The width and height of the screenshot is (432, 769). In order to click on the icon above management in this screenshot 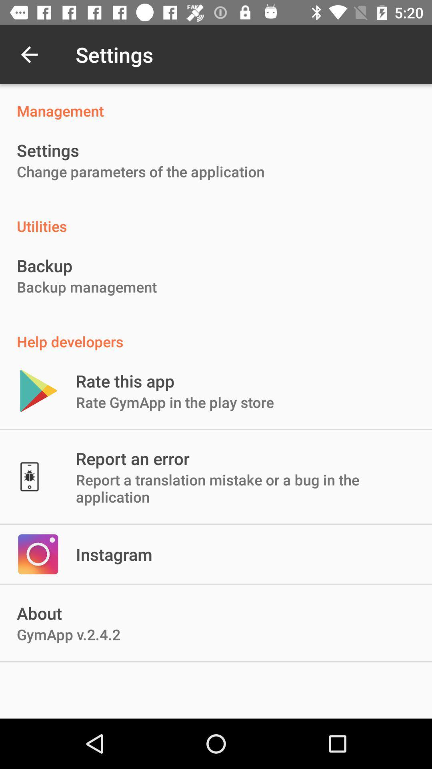, I will do `click(29, 54)`.